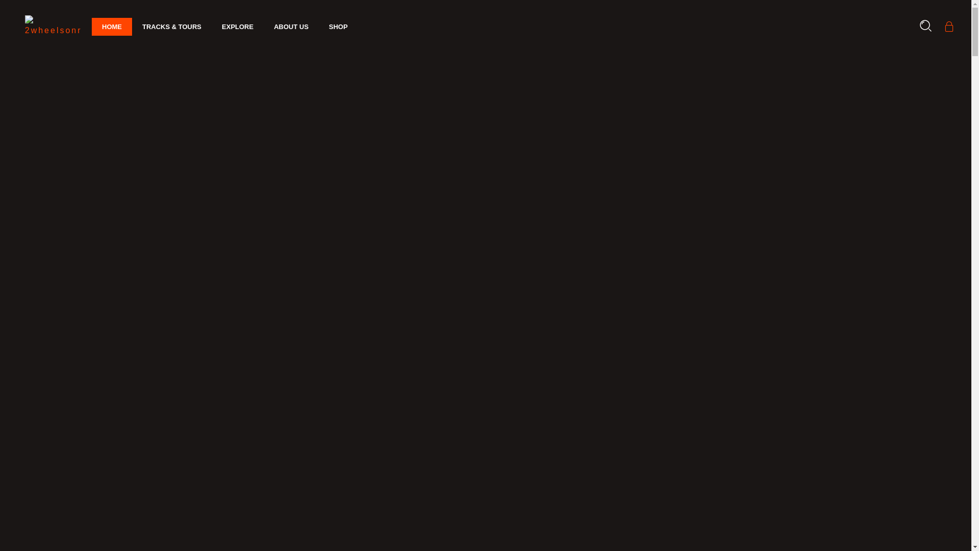  What do you see at coordinates (132, 27) in the screenshot?
I see `'TRACKS & TOURS'` at bounding box center [132, 27].